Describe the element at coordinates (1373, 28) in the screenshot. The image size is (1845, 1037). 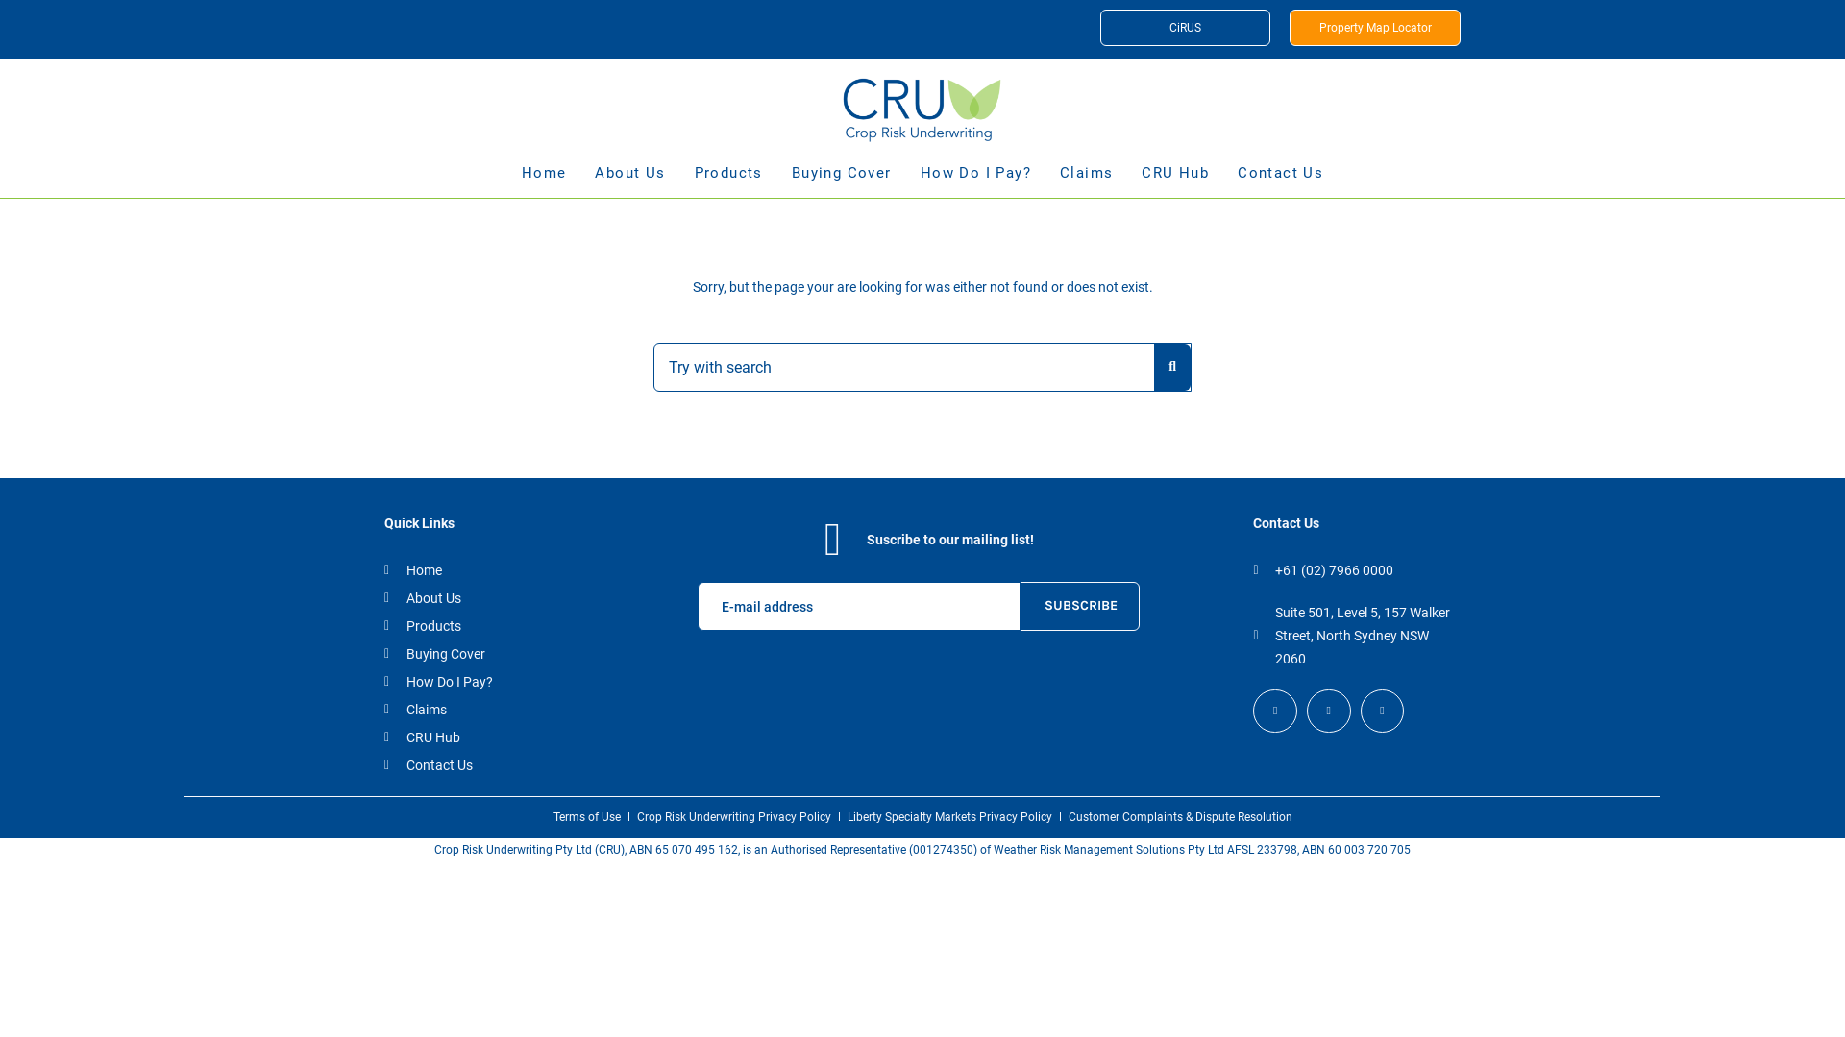
I see `'Property Map Locator'` at that location.